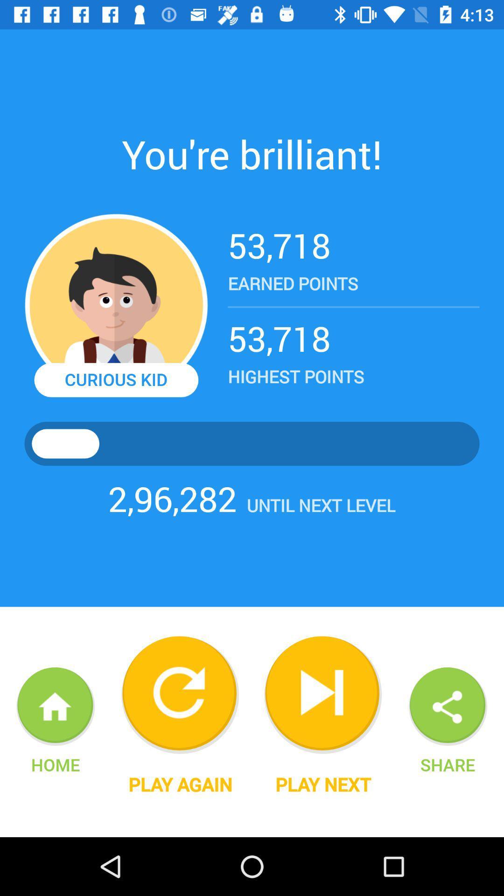 The image size is (504, 896). Describe the element at coordinates (448, 707) in the screenshot. I see `share the article` at that location.